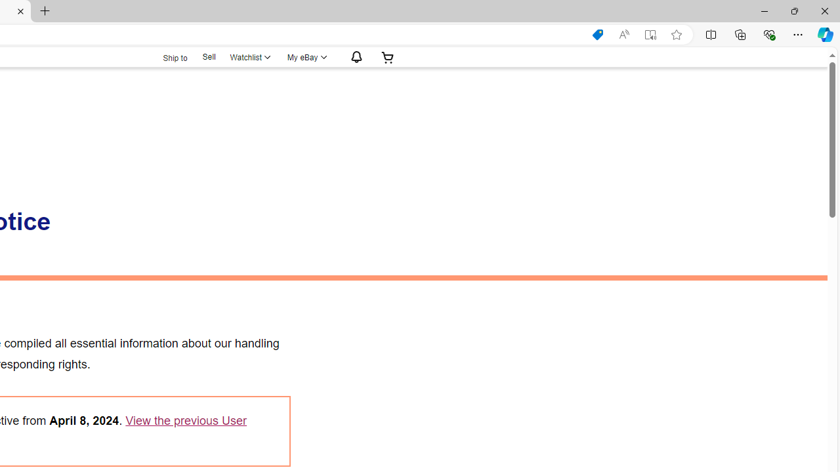 This screenshot has width=840, height=472. Describe the element at coordinates (249, 56) in the screenshot. I see `'WatchlistExpand Watch List'` at that location.